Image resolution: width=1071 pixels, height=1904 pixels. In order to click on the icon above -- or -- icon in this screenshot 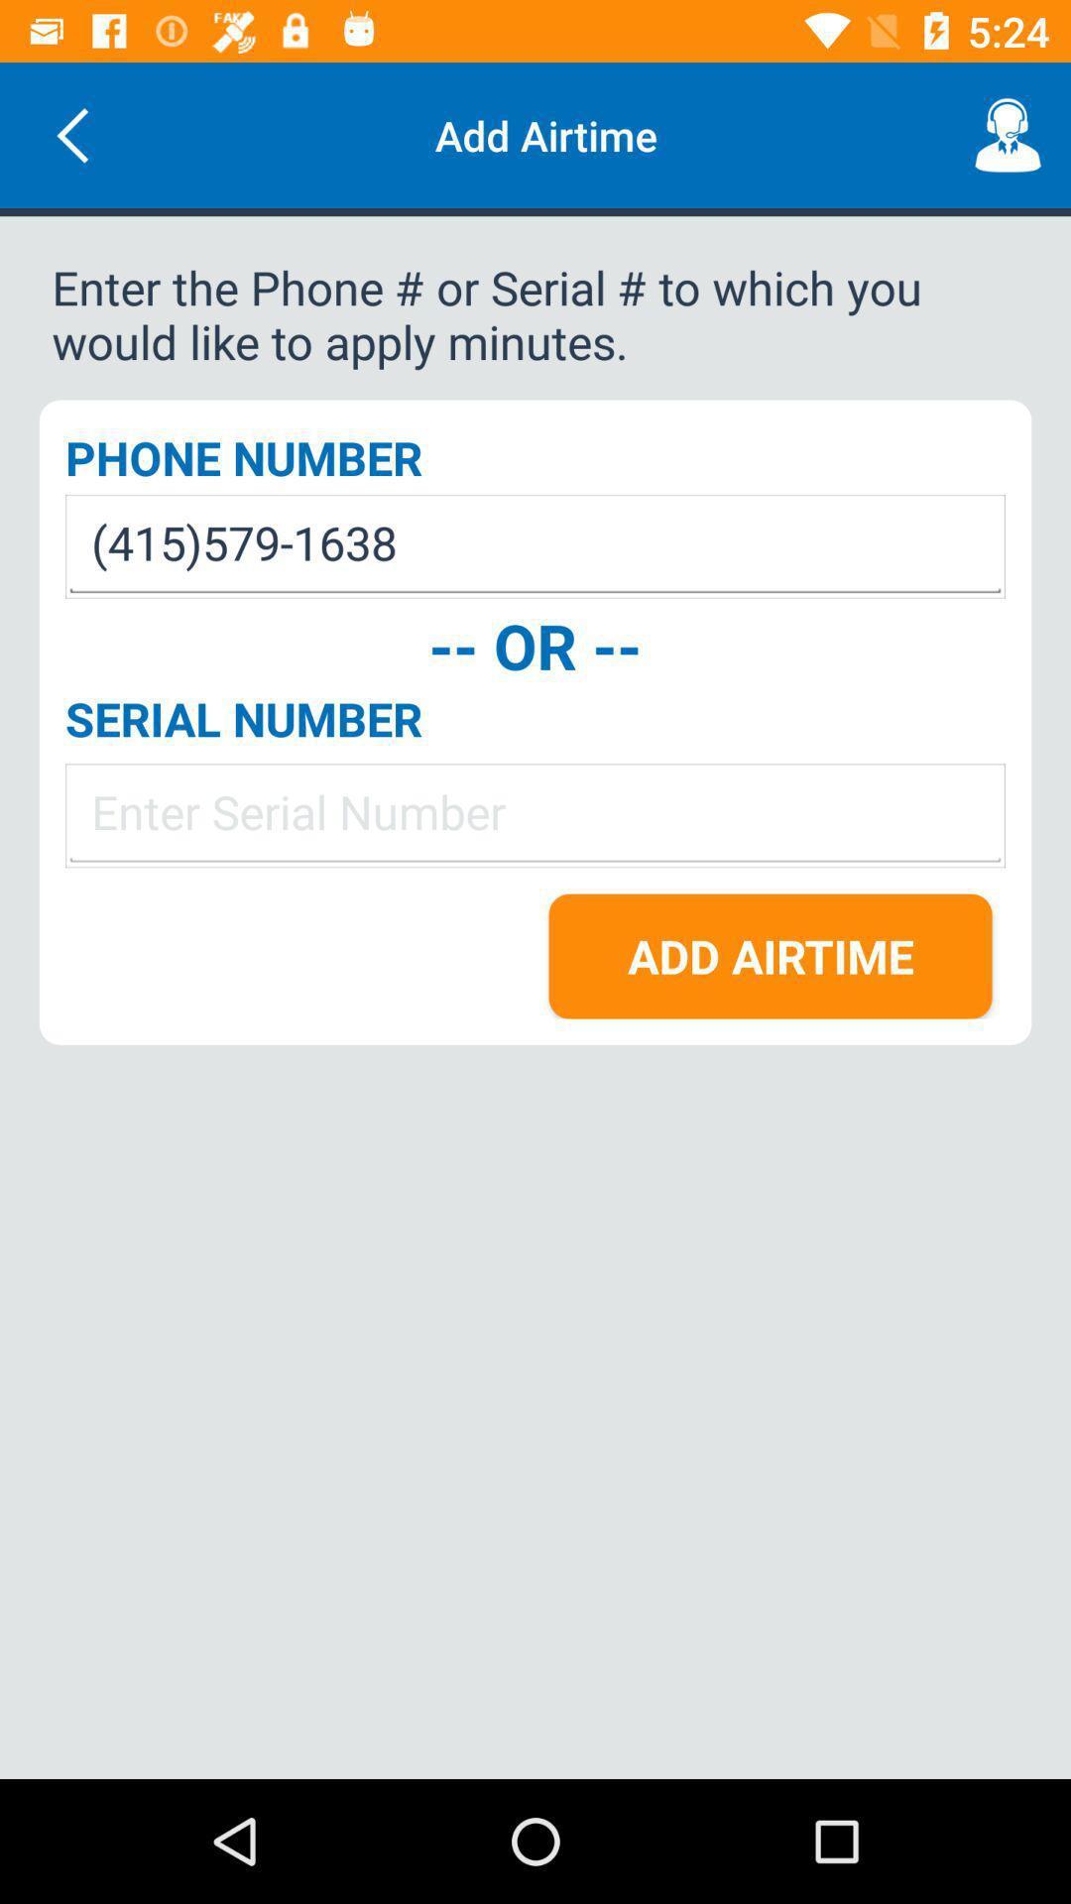, I will do `click(535, 546)`.